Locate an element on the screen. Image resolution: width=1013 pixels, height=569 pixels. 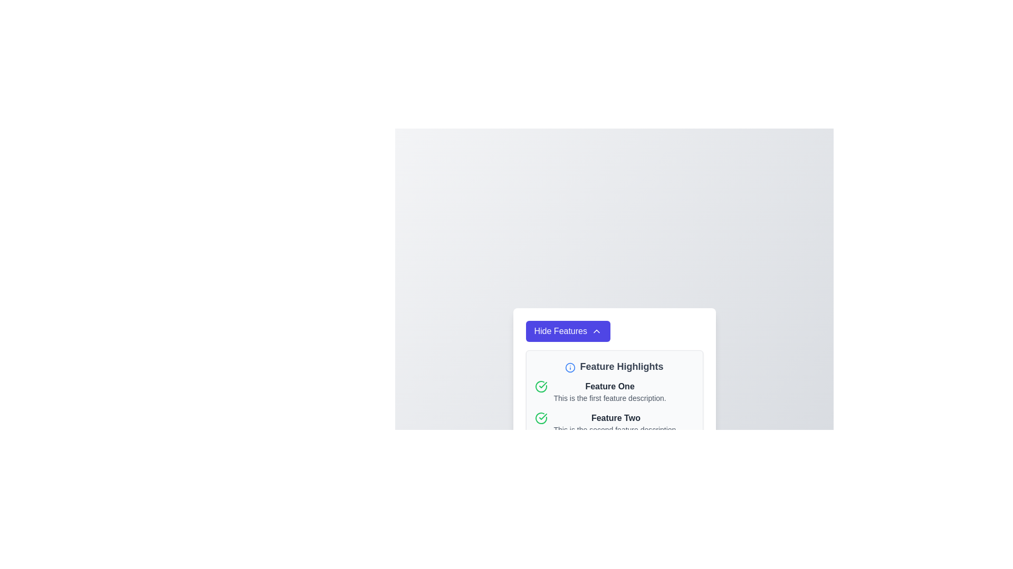
the static text that provides information about 'Feature One', which is located below the title and centered in the right portion of the window is located at coordinates (610, 398).